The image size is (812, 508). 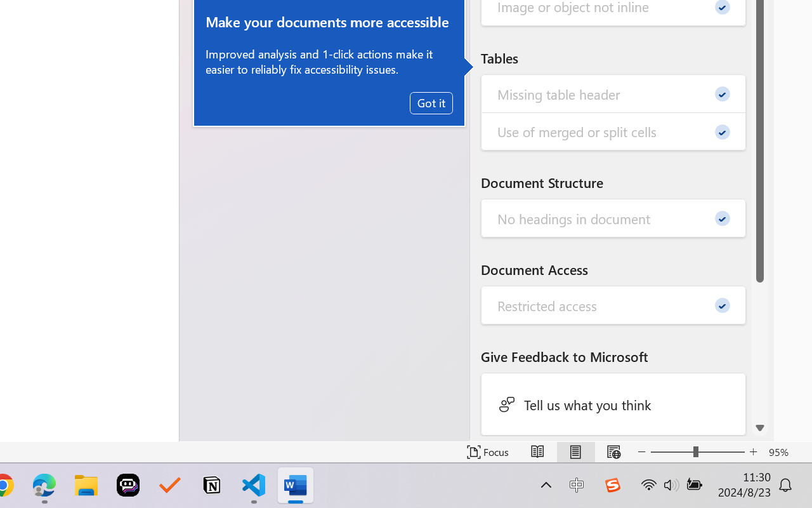 I want to click on 'Use of merged or split cells - 0', so click(x=613, y=131).